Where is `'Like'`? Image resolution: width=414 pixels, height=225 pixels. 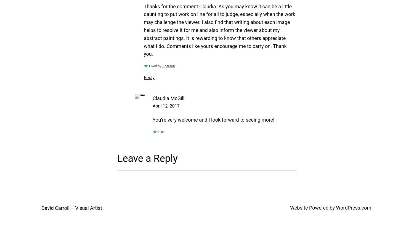
'Like' is located at coordinates (160, 132).